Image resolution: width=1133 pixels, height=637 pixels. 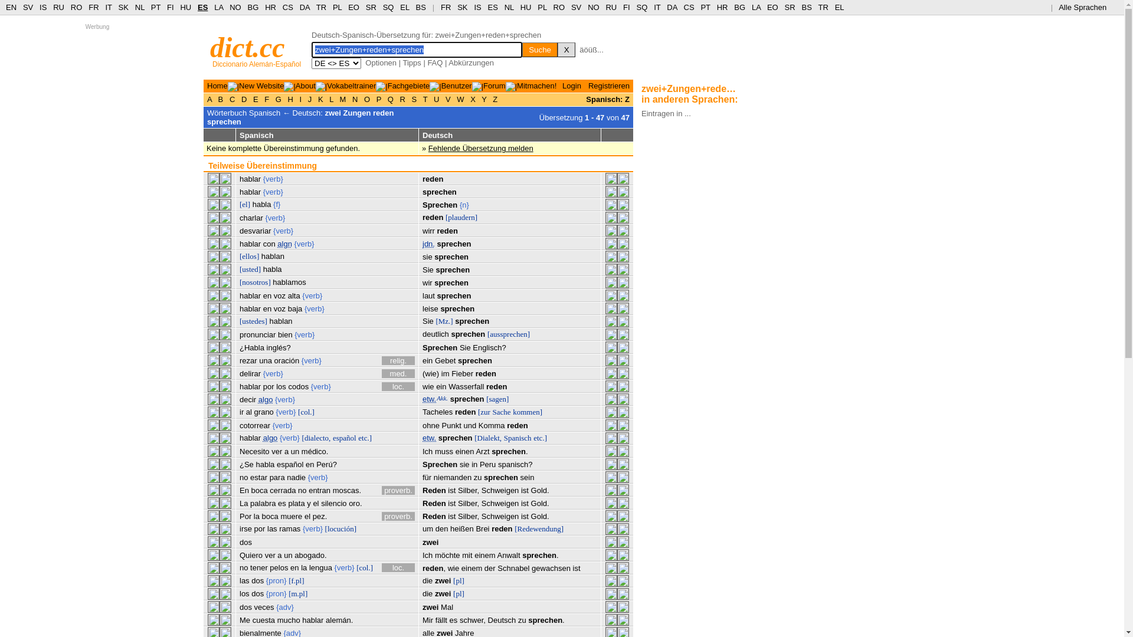 What do you see at coordinates (445, 7) in the screenshot?
I see `'FR'` at bounding box center [445, 7].